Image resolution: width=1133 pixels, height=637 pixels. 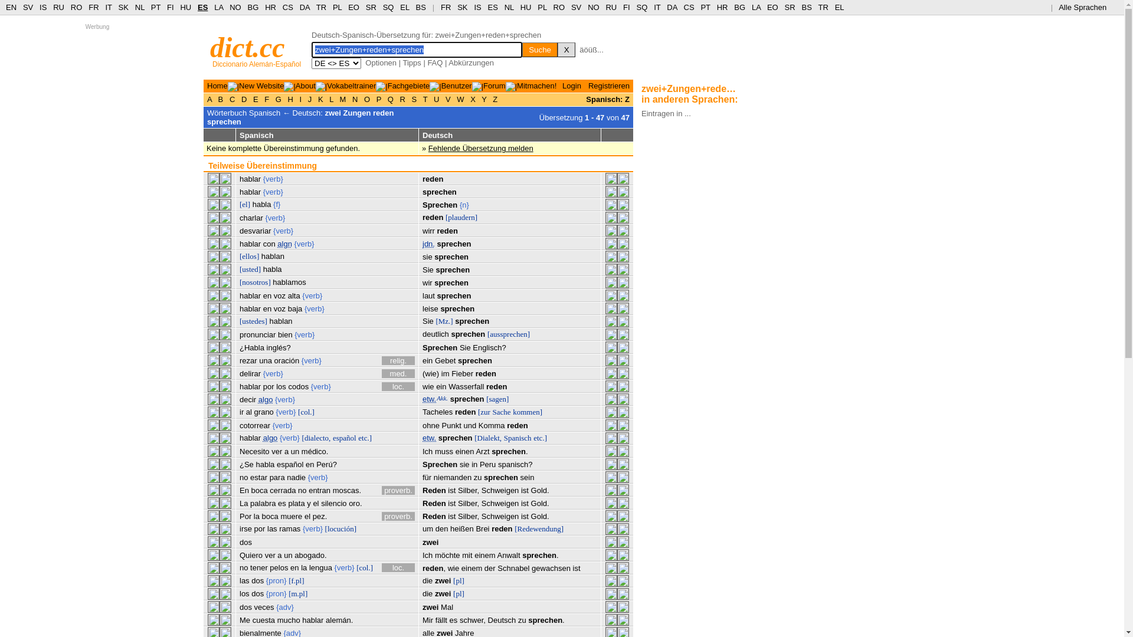 What do you see at coordinates (445, 7) in the screenshot?
I see `'FR'` at bounding box center [445, 7].